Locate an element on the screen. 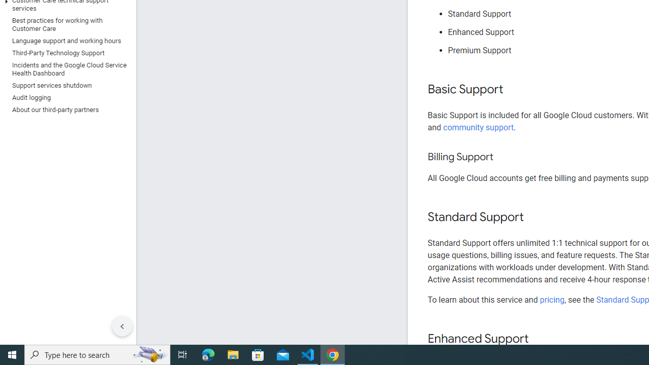  'About our third-party partners' is located at coordinates (65, 110).